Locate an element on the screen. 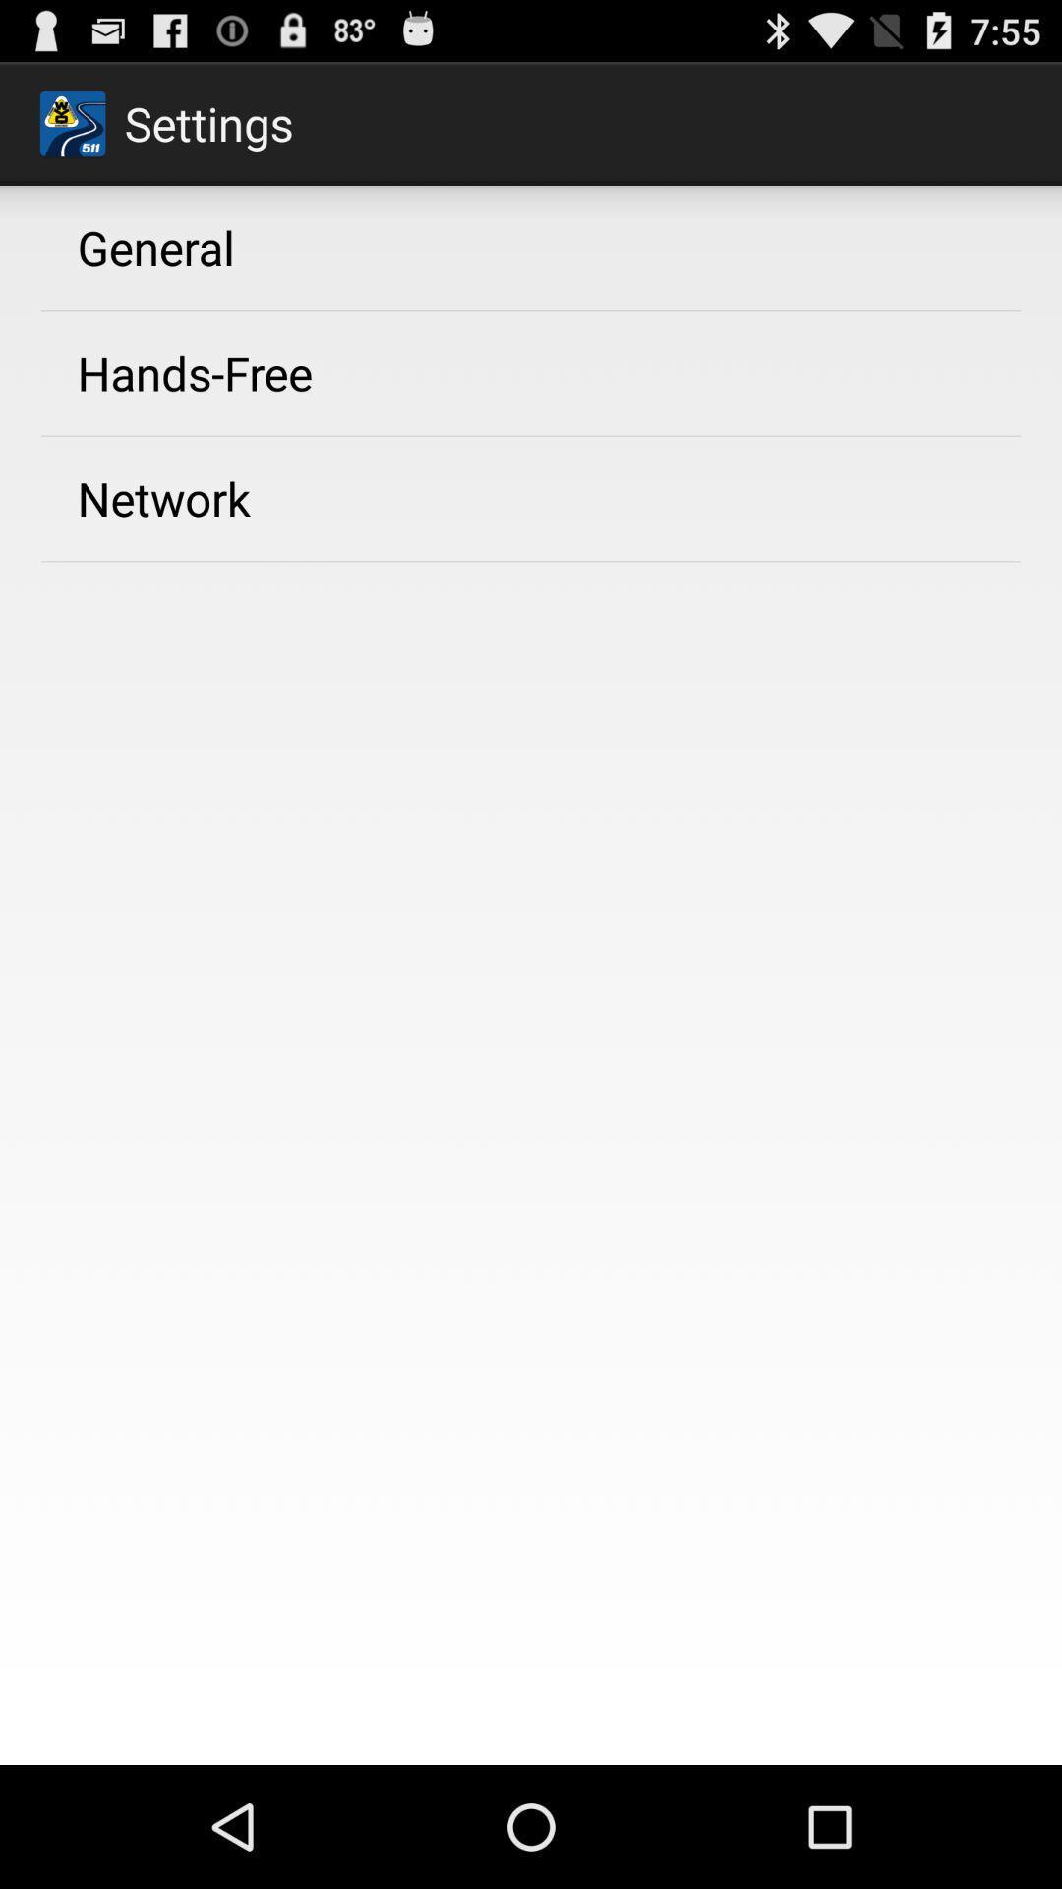  general icon is located at coordinates (154, 246).